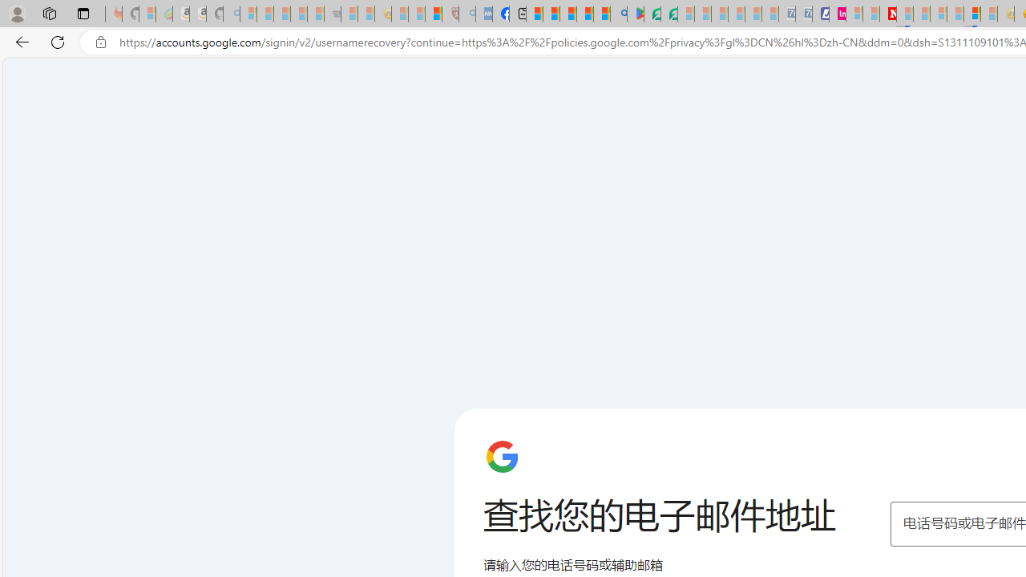 This screenshot has width=1026, height=577. What do you see at coordinates (434, 14) in the screenshot?
I see `'Local - MSN'` at bounding box center [434, 14].